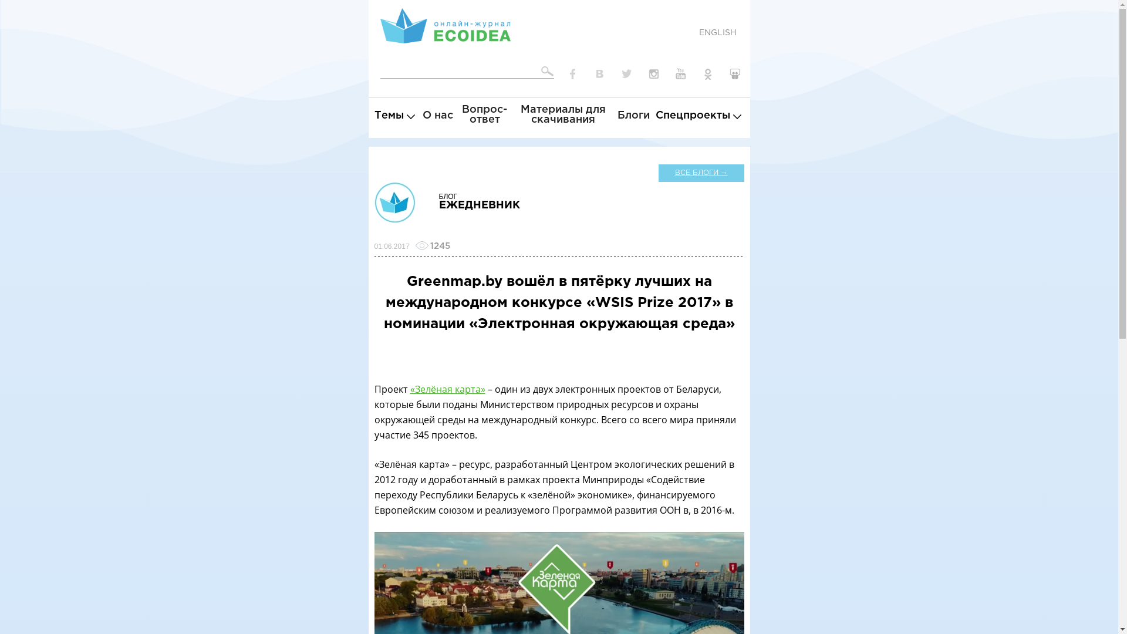 Image resolution: width=1127 pixels, height=634 pixels. I want to click on 'VK', so click(600, 74).